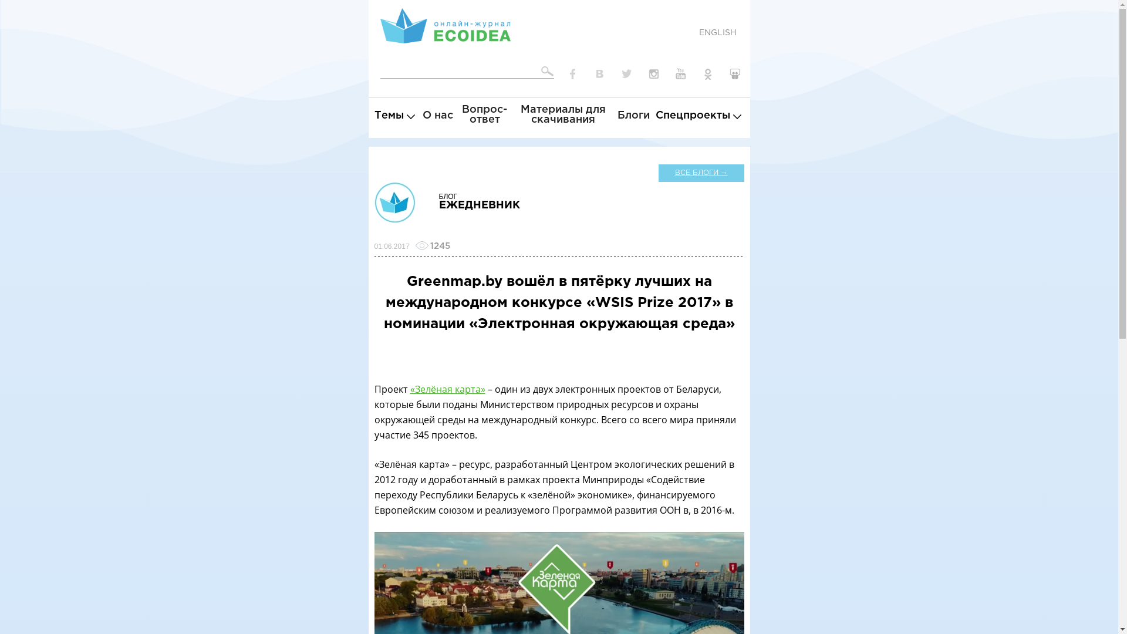 Image resolution: width=1127 pixels, height=634 pixels. I want to click on 'VK', so click(600, 74).